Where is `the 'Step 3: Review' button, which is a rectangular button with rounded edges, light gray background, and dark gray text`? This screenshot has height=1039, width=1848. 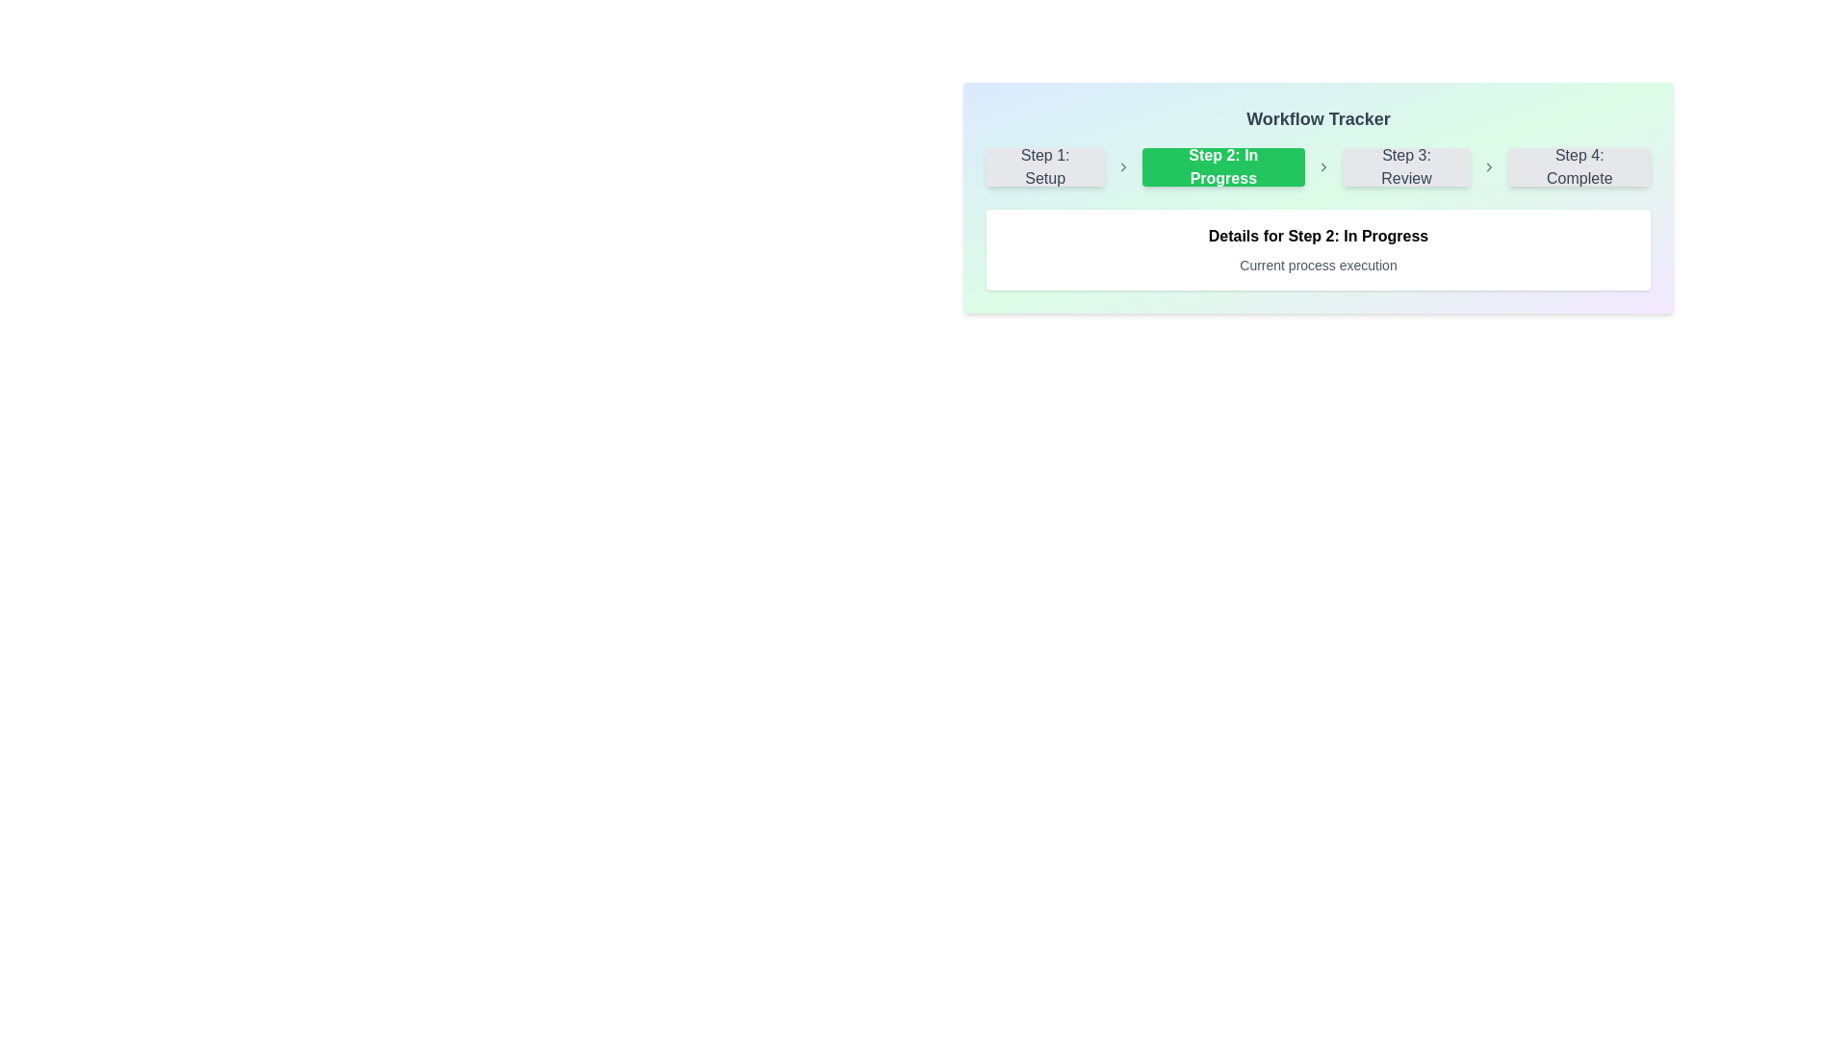 the 'Step 3: Review' button, which is a rectangular button with rounded edges, light gray background, and dark gray text is located at coordinates (1406, 165).